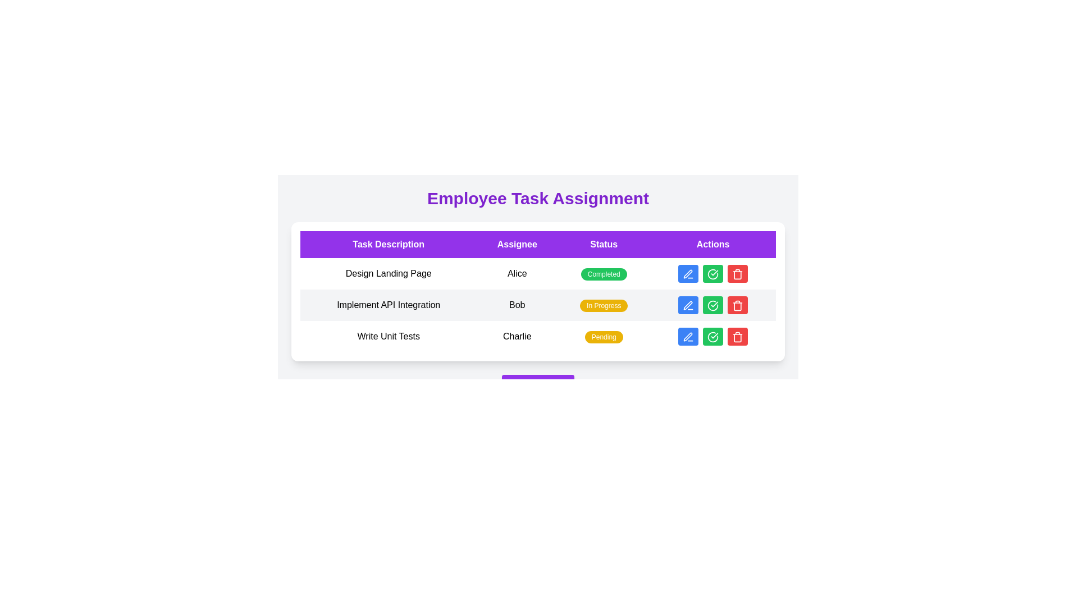  What do you see at coordinates (688, 336) in the screenshot?
I see `the blue rounded button with a pen icon located in the 'Actions' column for 'Charlie'` at bounding box center [688, 336].